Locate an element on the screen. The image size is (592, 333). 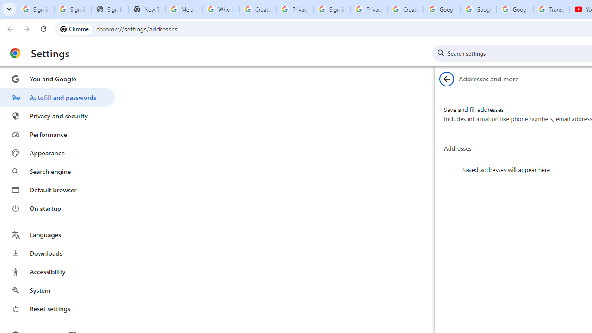
'On startup' is located at coordinates (57, 209).